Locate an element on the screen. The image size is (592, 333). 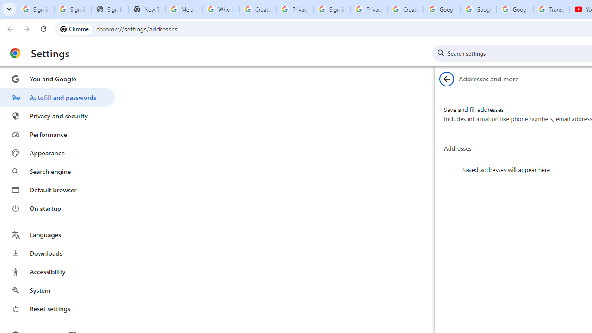
'On startup' is located at coordinates (57, 209).